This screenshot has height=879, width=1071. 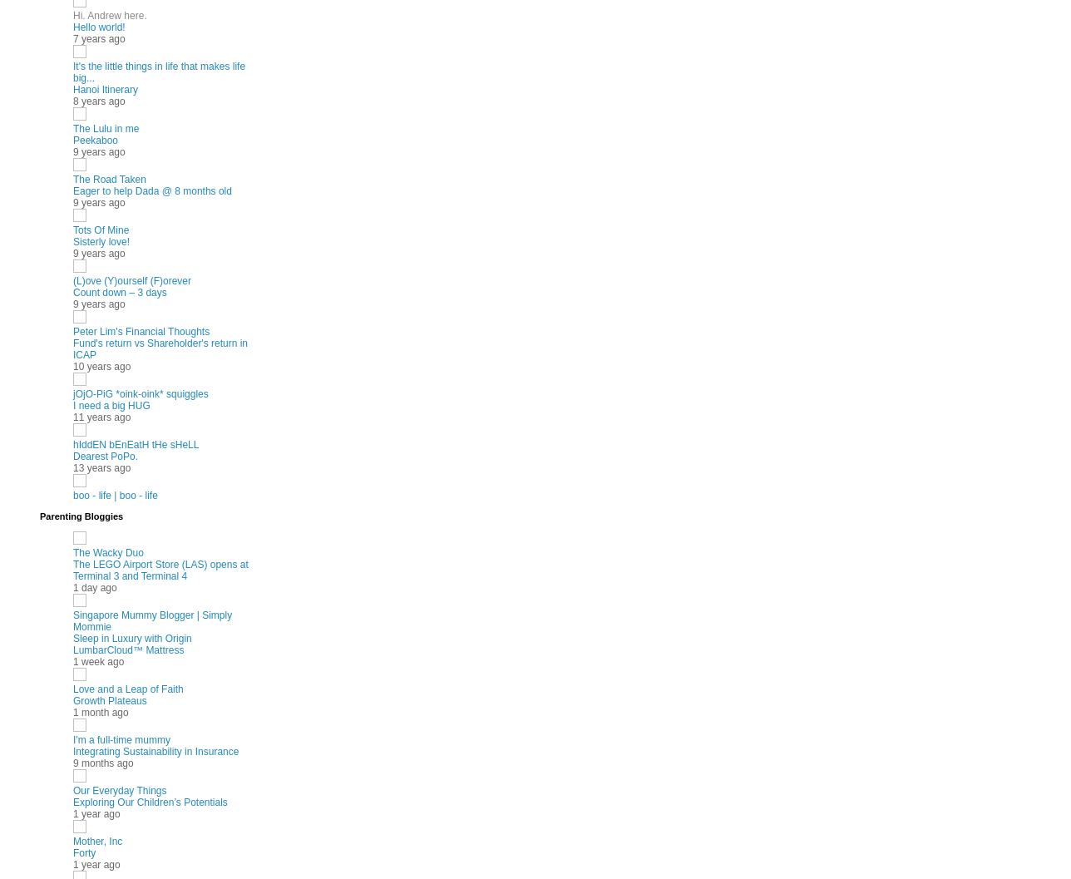 I want to click on '11 years ago', so click(x=72, y=417).